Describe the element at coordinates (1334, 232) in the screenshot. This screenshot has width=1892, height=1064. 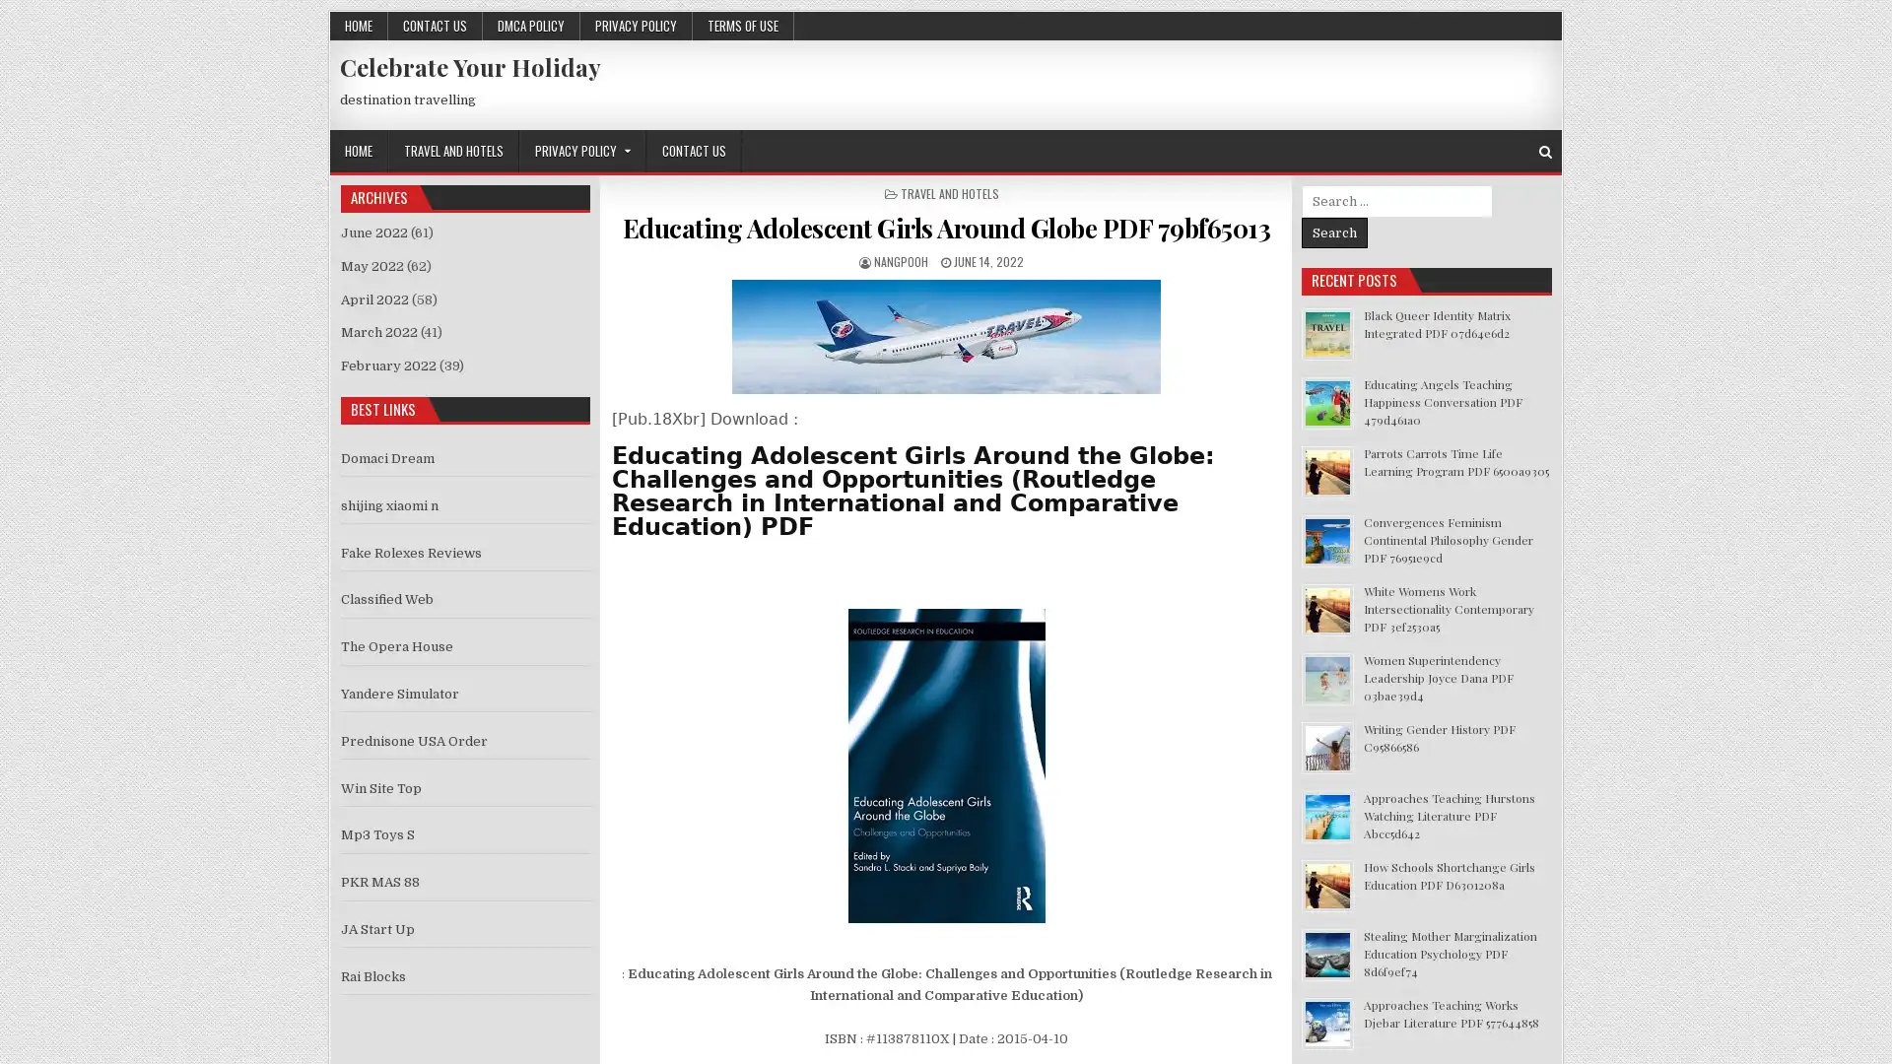
I see `Search` at that location.